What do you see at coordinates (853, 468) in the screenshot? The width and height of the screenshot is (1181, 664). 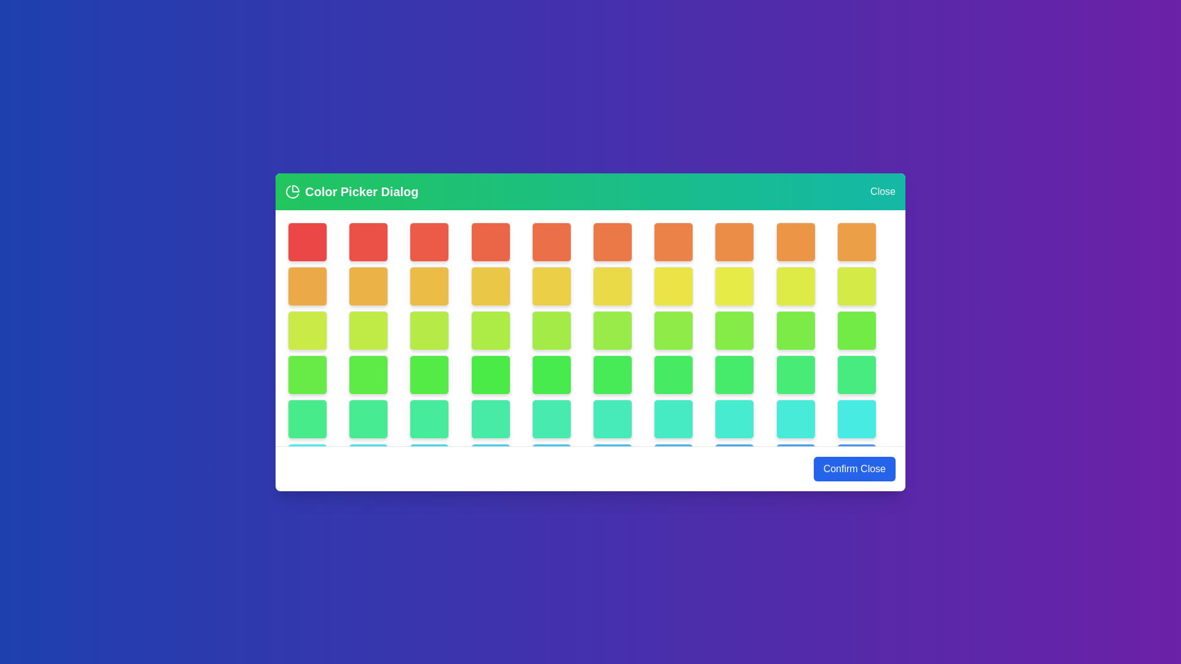 I see `the 'Confirm Close' button to close the dialog` at bounding box center [853, 468].